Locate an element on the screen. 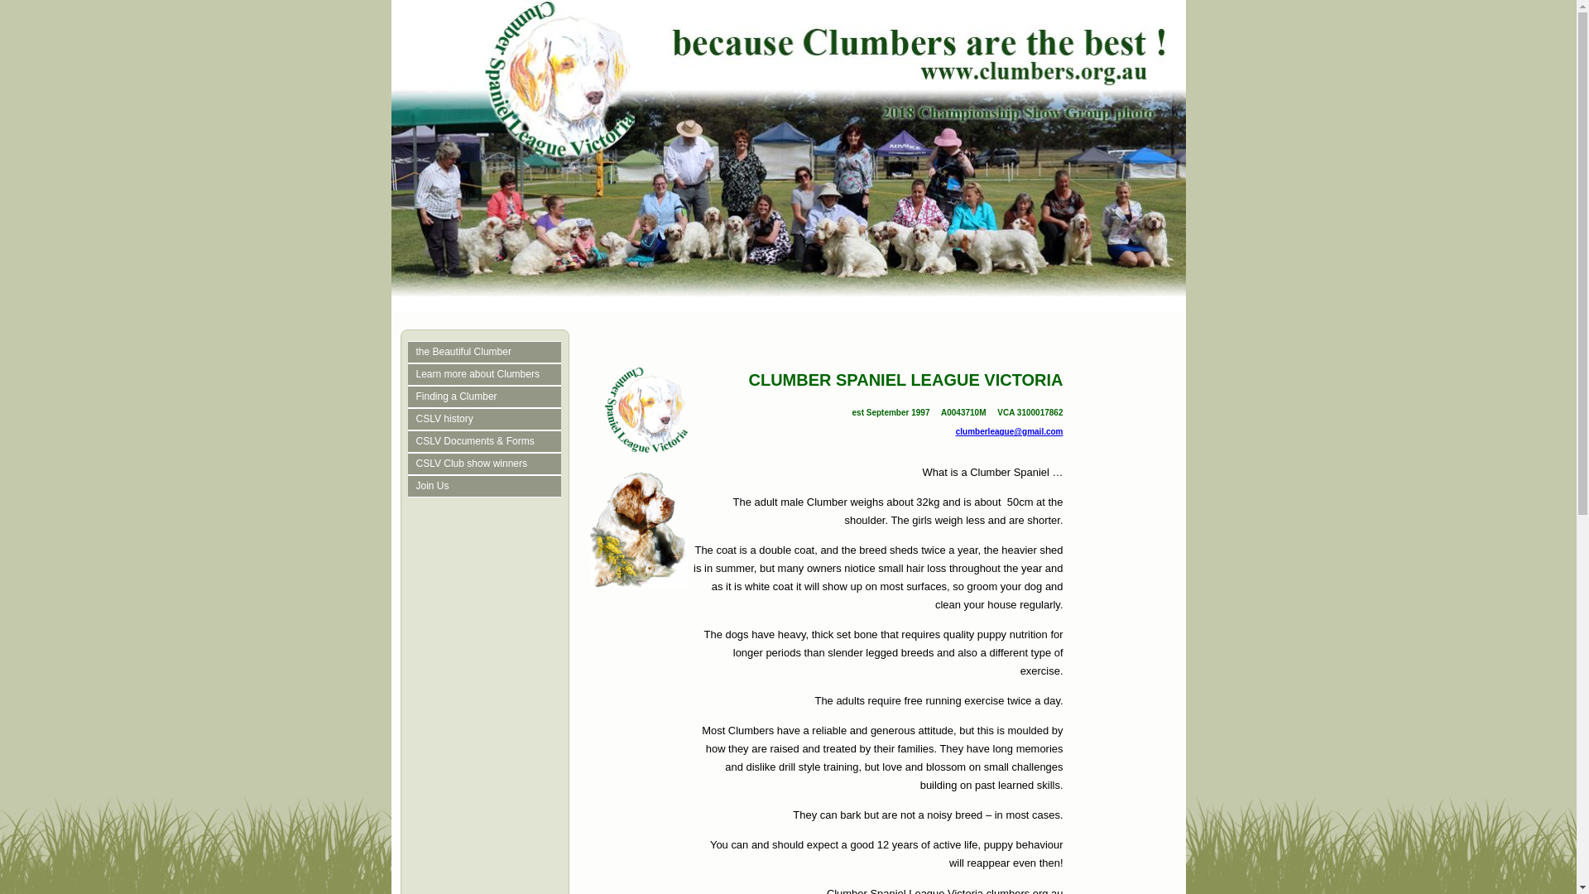 The width and height of the screenshot is (1589, 894). 'CSLV Documents & Forms' is located at coordinates (487, 440).